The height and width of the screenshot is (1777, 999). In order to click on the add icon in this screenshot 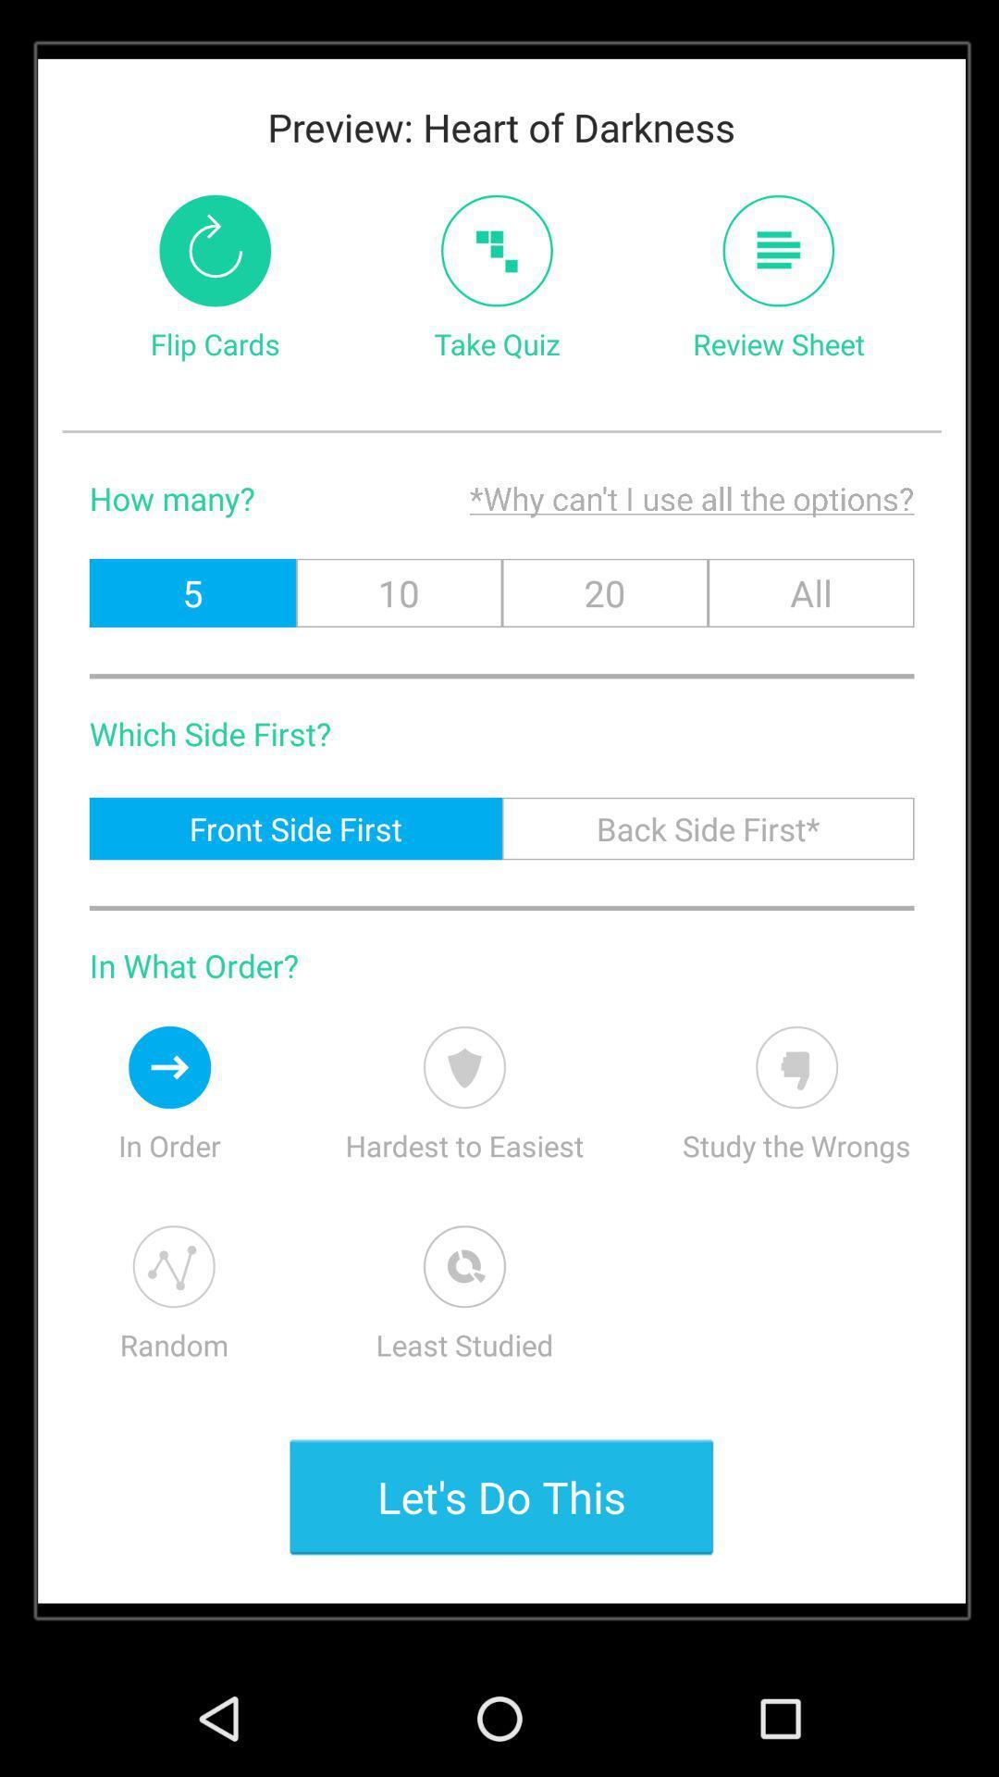, I will do `click(496, 267)`.